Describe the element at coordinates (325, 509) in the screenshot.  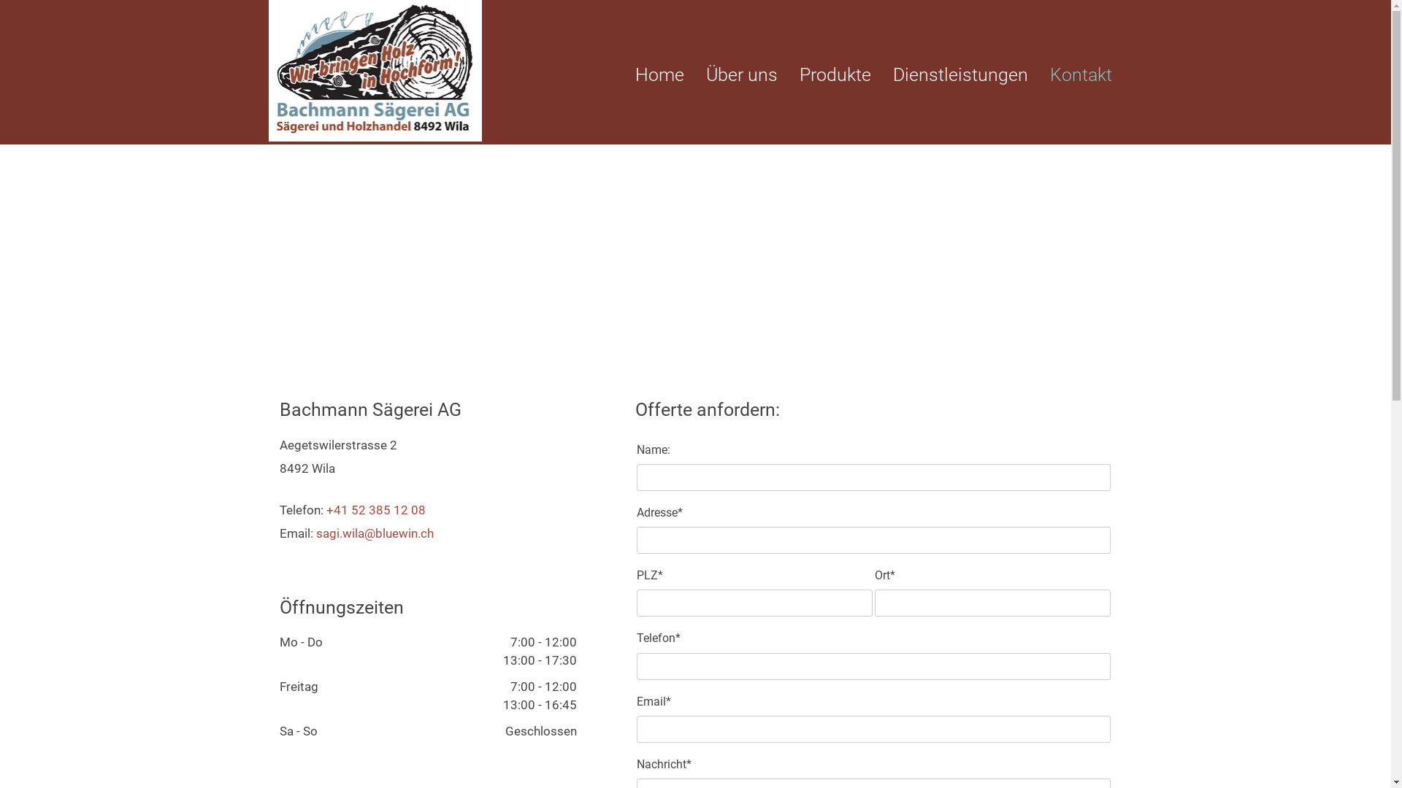
I see `'+41 52 385 12 08'` at that location.